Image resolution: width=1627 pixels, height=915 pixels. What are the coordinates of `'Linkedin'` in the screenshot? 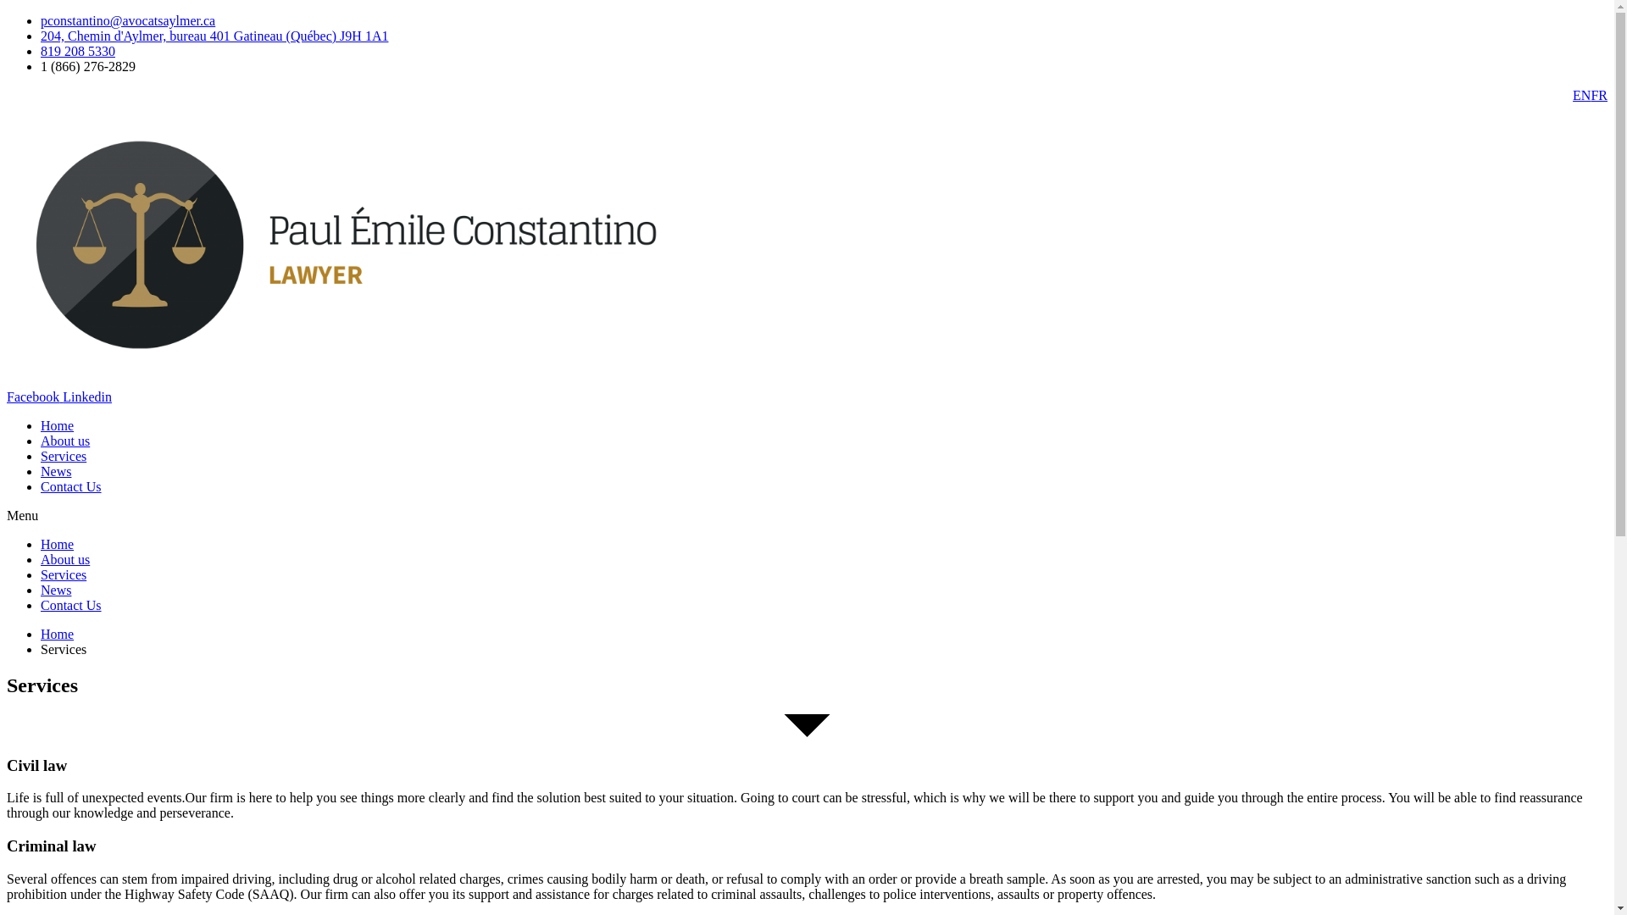 It's located at (86, 396).